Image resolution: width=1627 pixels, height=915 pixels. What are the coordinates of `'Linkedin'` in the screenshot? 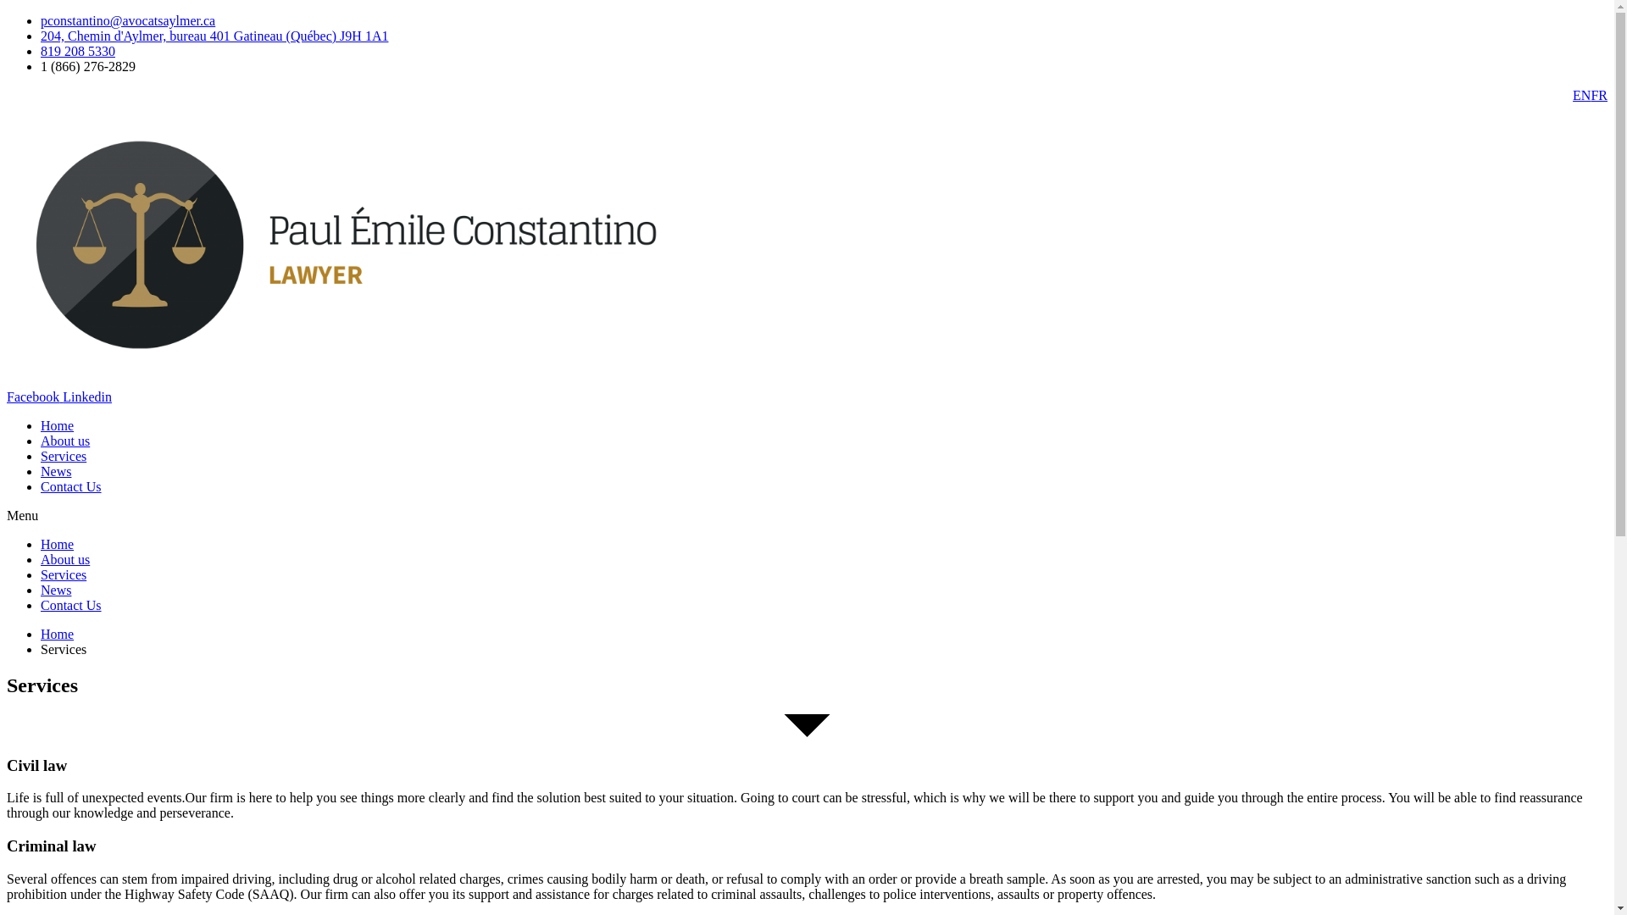 It's located at (86, 396).